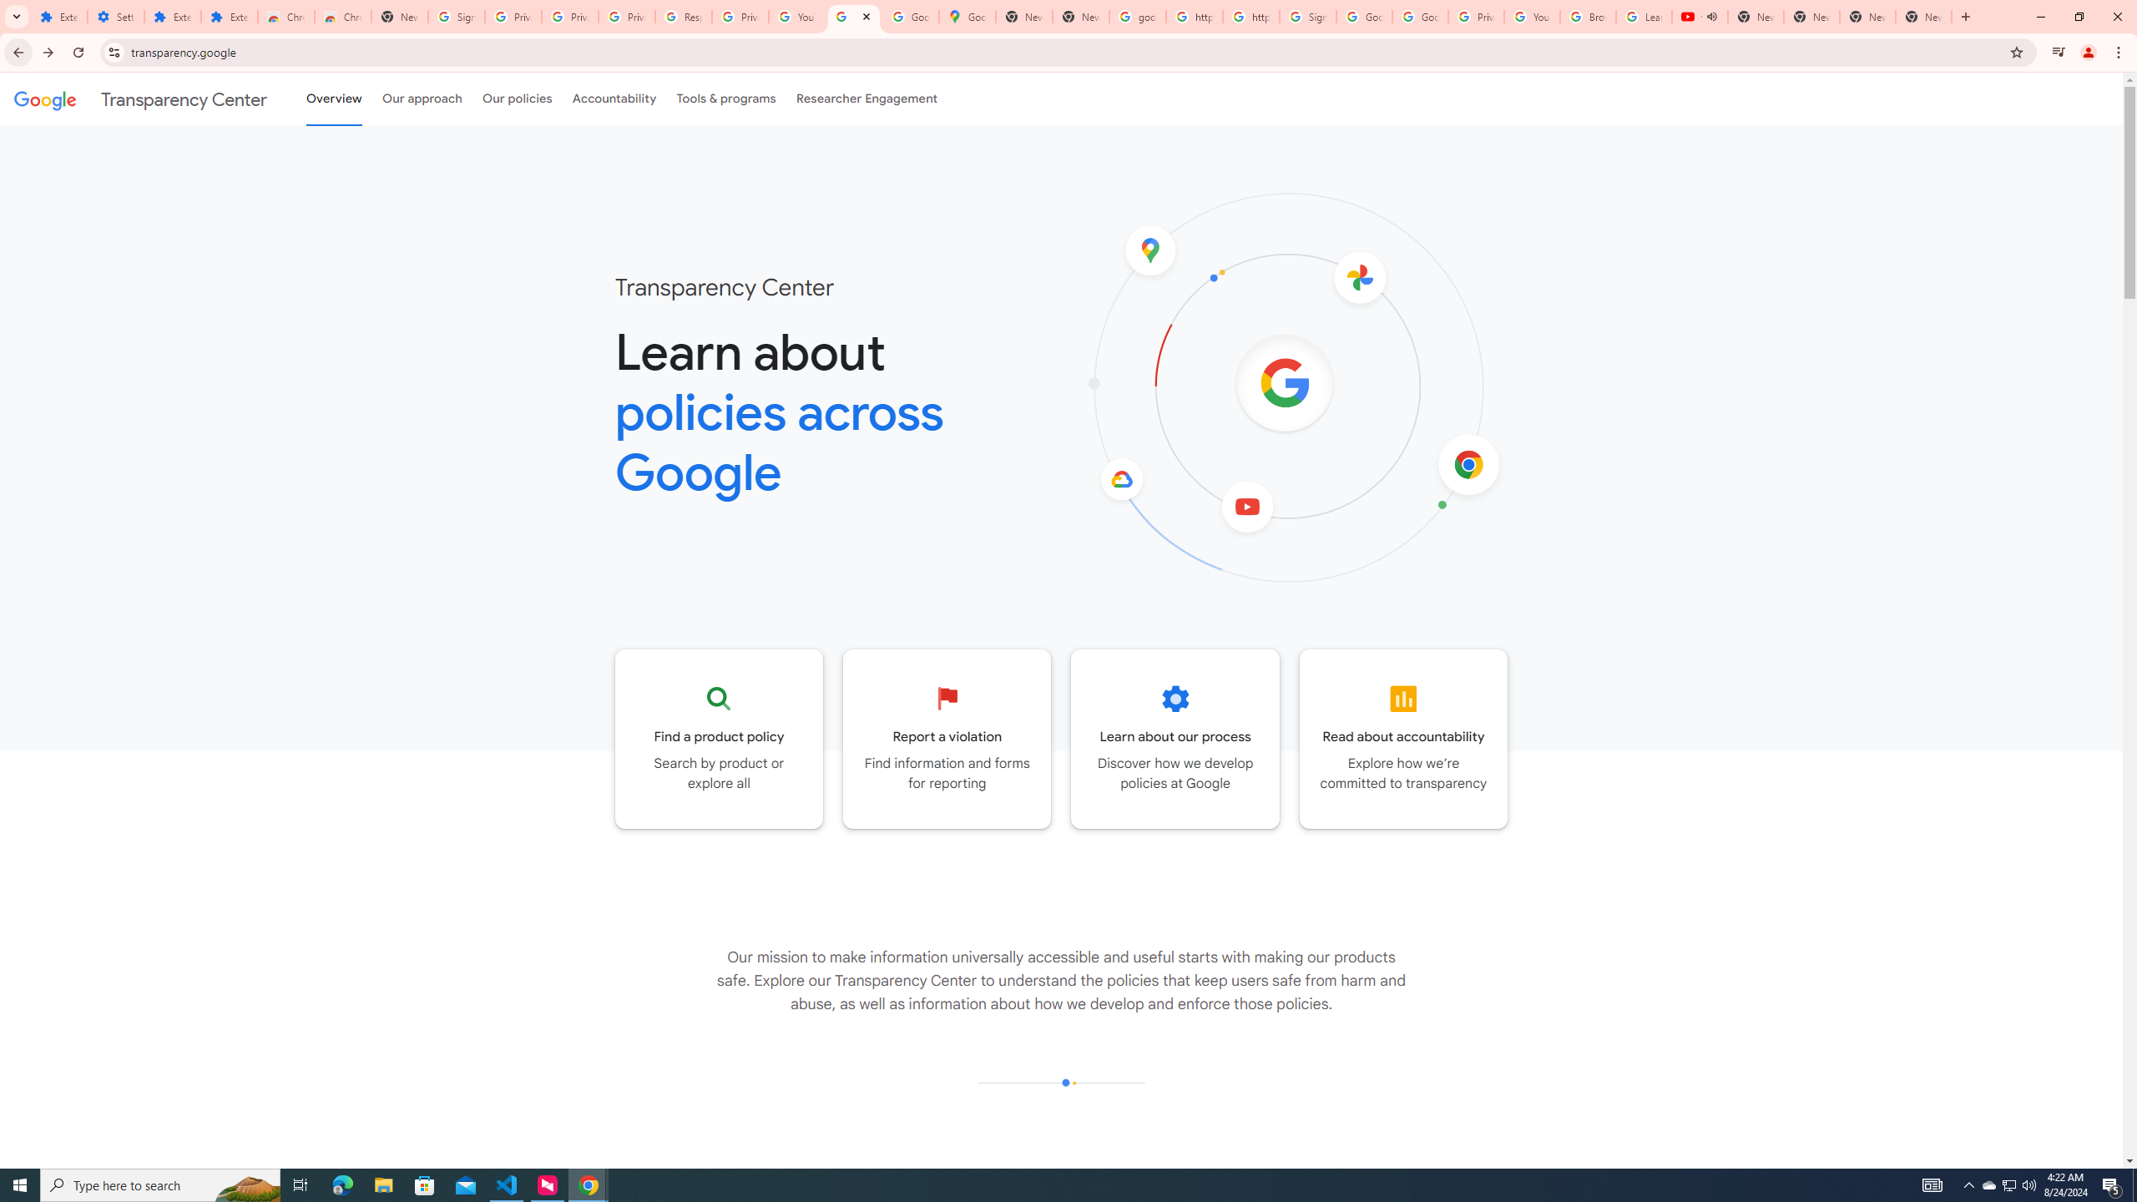  Describe the element at coordinates (139, 98) in the screenshot. I see `'Transparency Center'` at that location.